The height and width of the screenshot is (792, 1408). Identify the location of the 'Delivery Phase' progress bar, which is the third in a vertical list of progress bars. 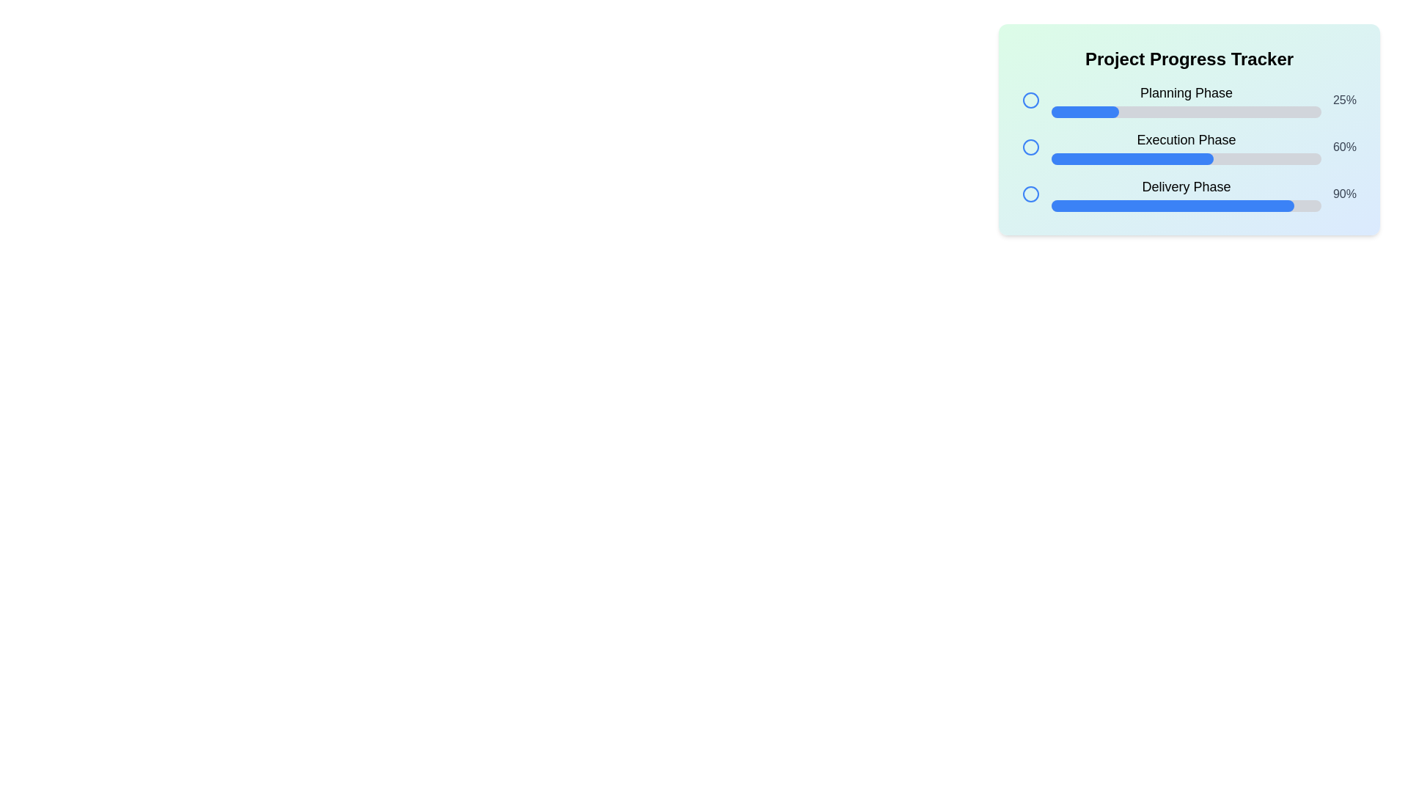
(1186, 194).